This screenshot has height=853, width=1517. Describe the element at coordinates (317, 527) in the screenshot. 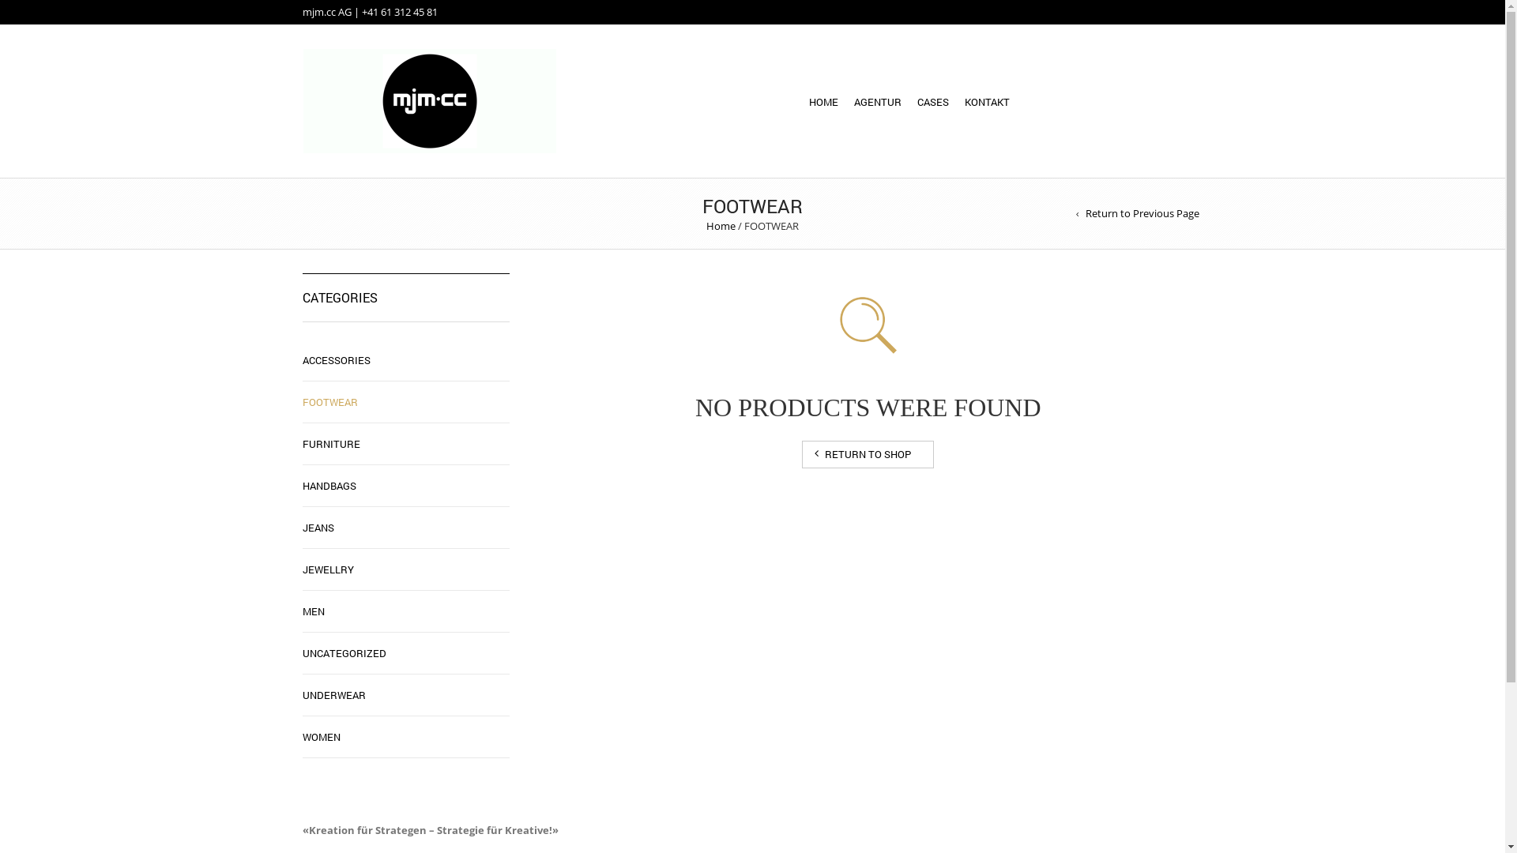

I see `'JEANS'` at that location.